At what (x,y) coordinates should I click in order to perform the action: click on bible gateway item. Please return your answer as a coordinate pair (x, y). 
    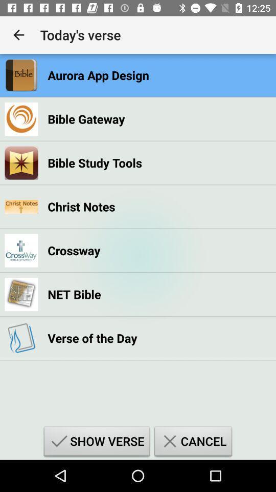
    Looking at the image, I should click on (85, 119).